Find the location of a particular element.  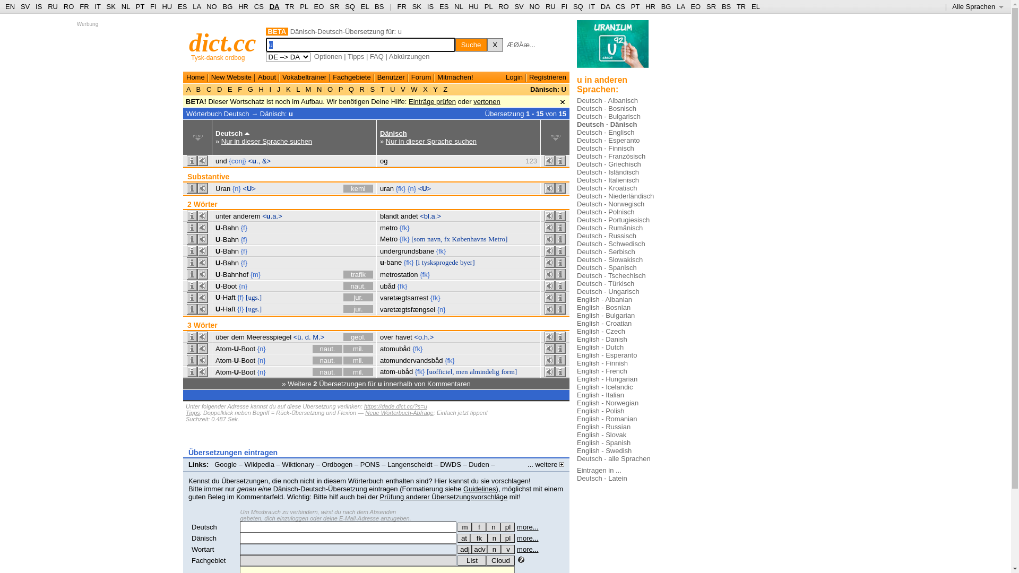

'Deutsch - Spanisch' is located at coordinates (607, 267).